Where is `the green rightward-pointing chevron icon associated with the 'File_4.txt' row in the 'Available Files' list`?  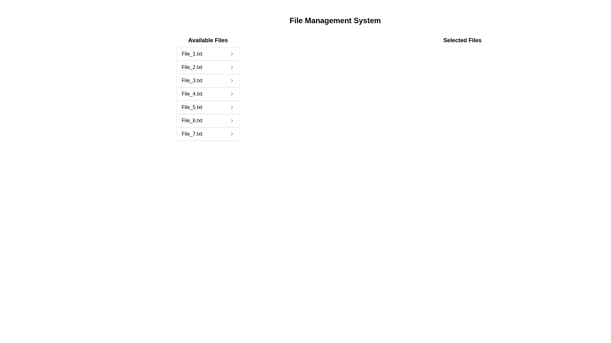
the green rightward-pointing chevron icon associated with the 'File_4.txt' row in the 'Available Files' list is located at coordinates (231, 94).